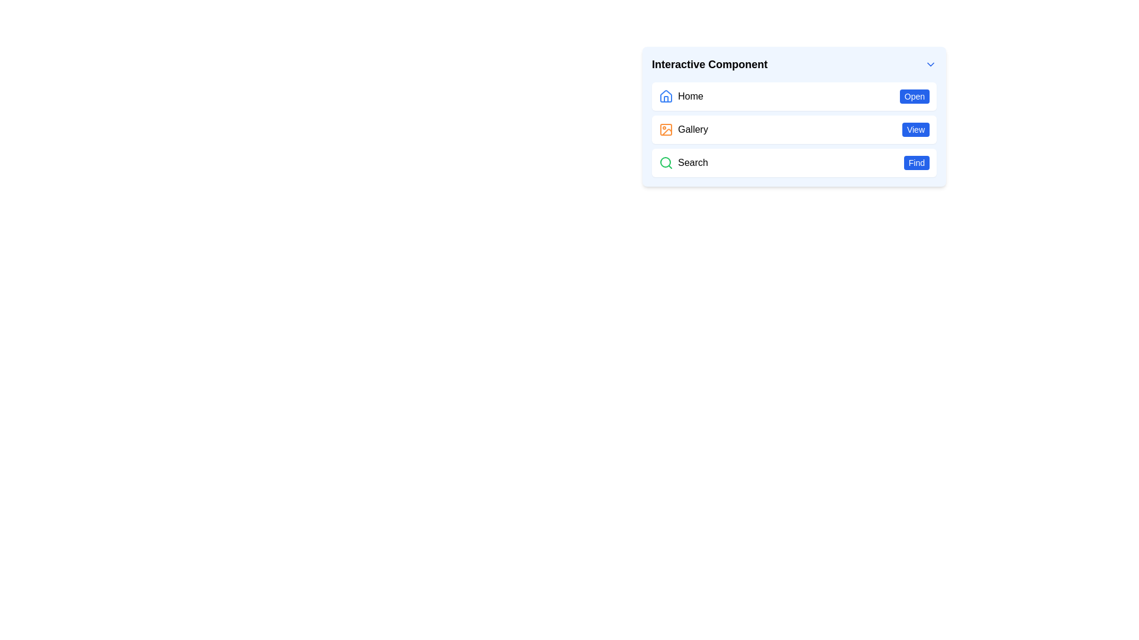  Describe the element at coordinates (914, 95) in the screenshot. I see `the blue button with rounded edges labeled 'Open' located to the right of the 'Home' label in the top row of a vertical list of options` at that location.